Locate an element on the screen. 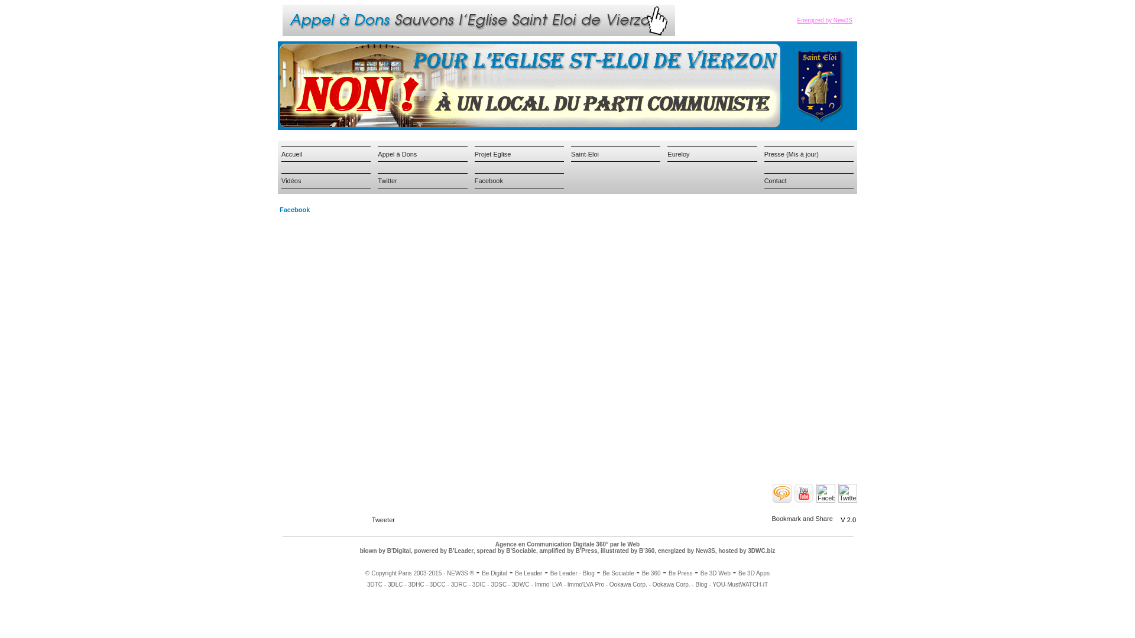 This screenshot has width=1135, height=638. 'Facebook' is located at coordinates (816, 493).